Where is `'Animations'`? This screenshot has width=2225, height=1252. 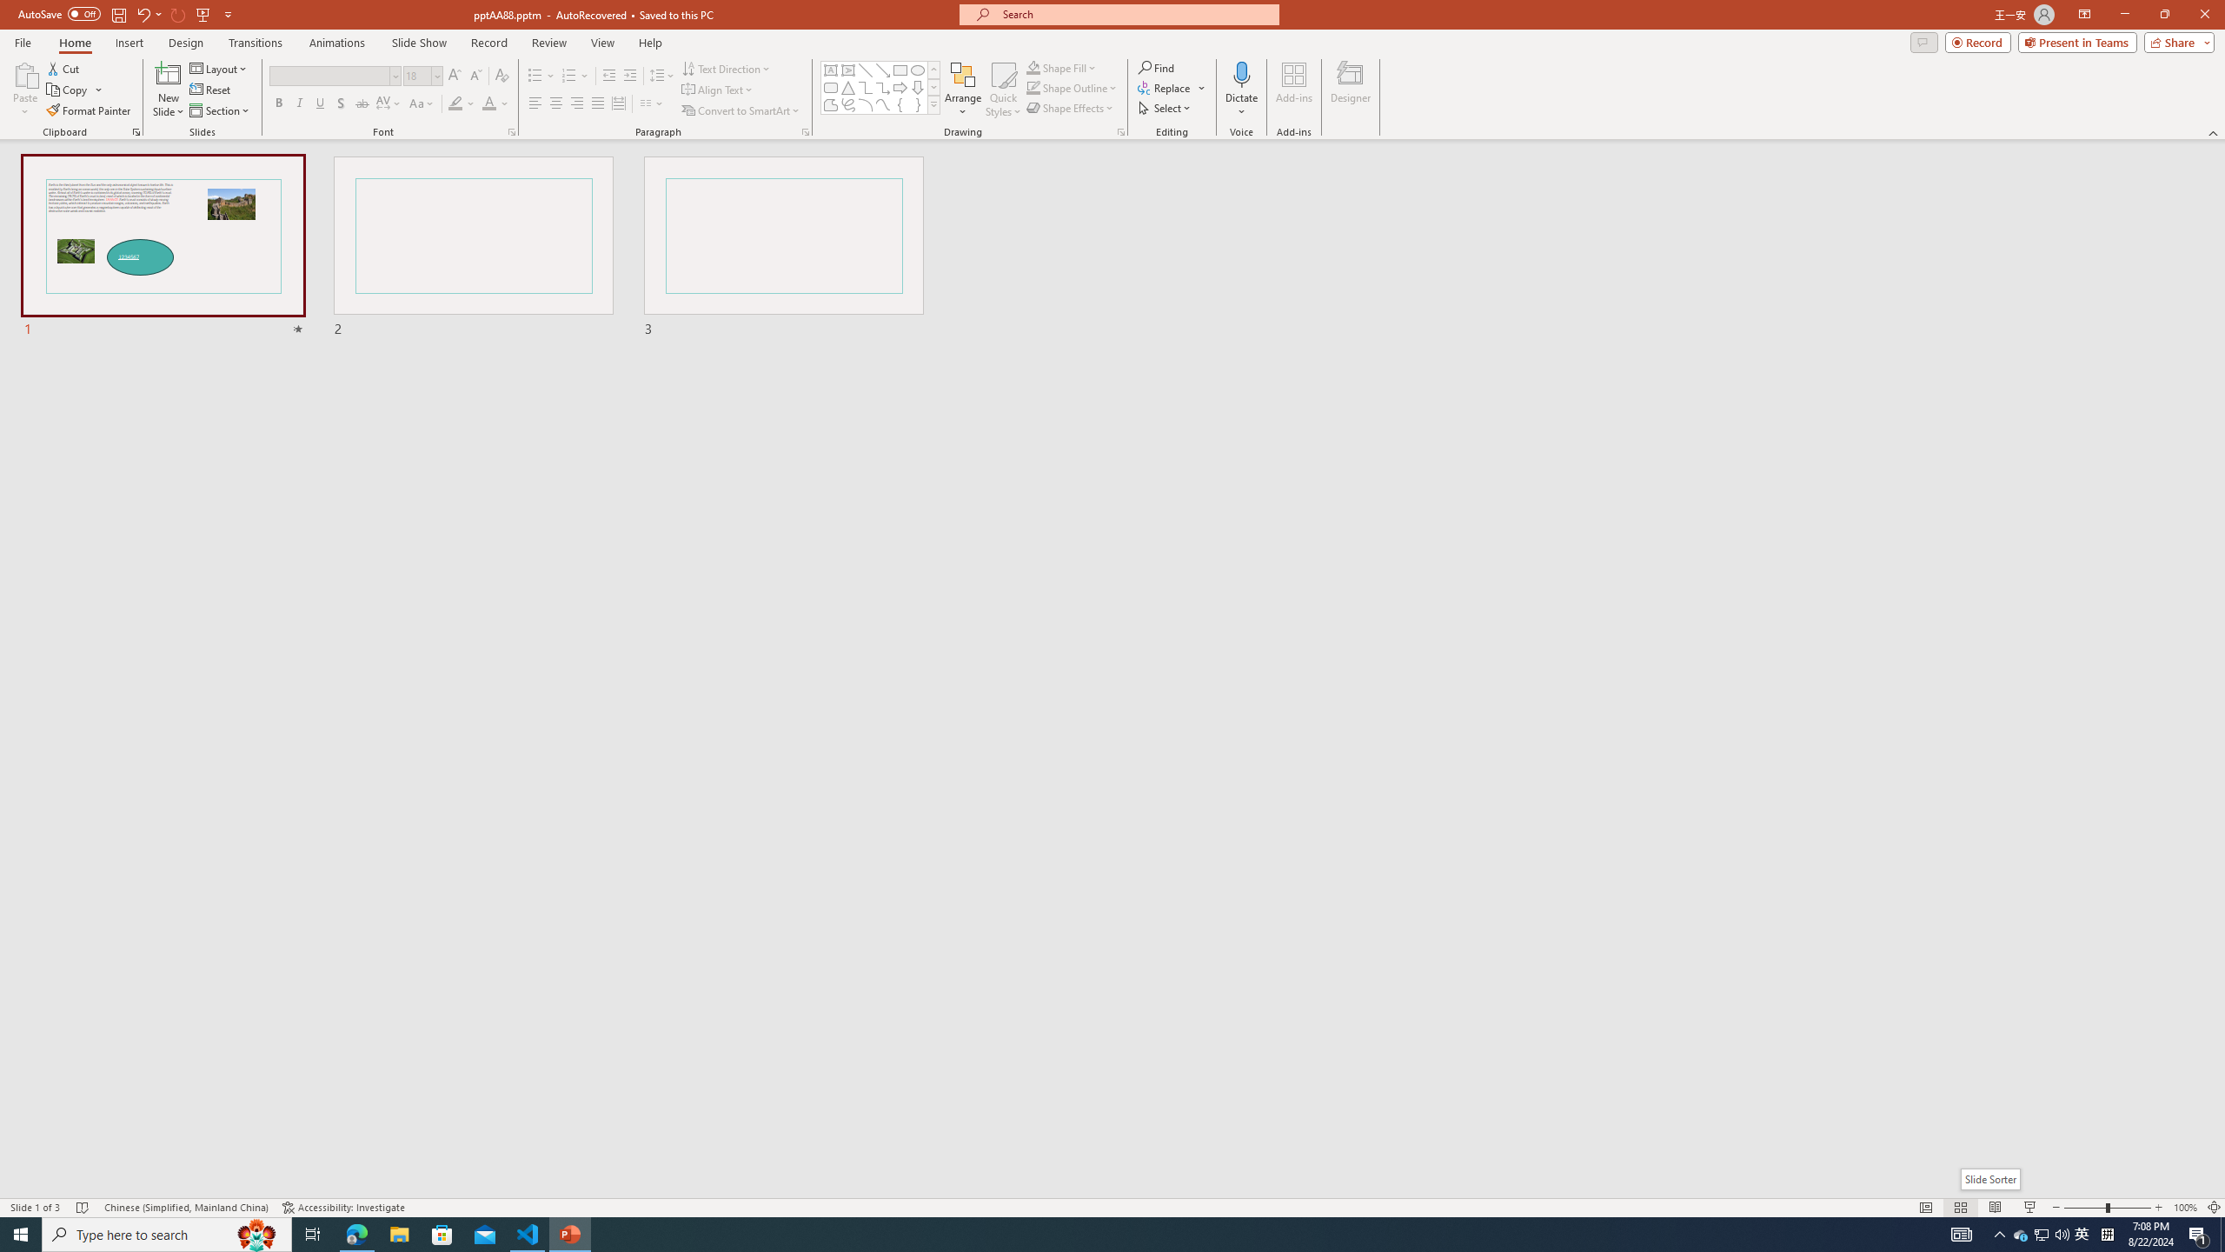 'Animations' is located at coordinates (336, 43).